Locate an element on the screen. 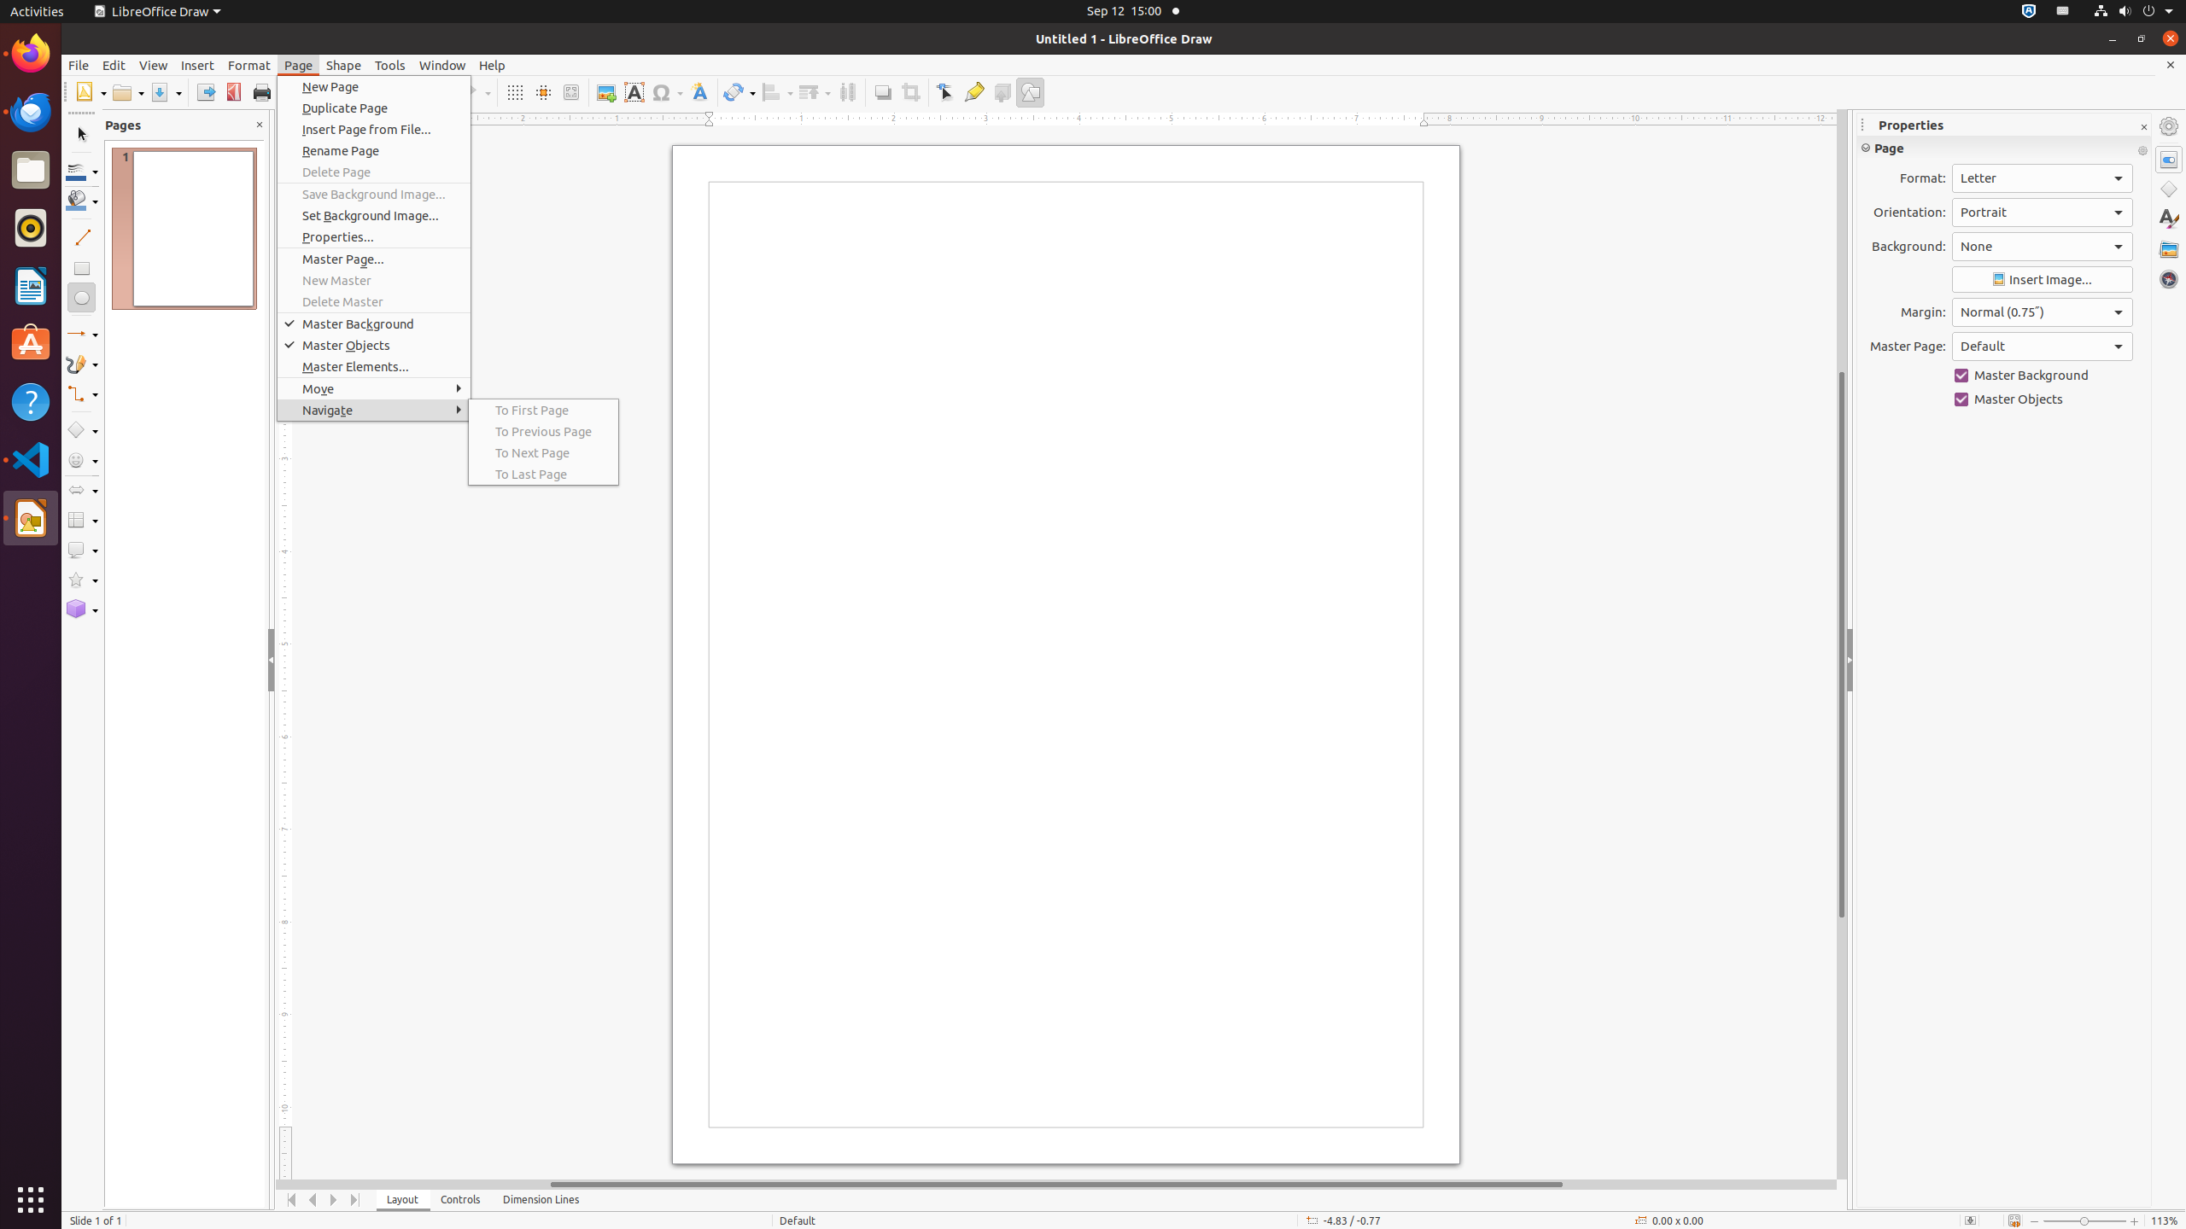 The height and width of the screenshot is (1229, 2186). ':1.72/StatusNotifierItem' is located at coordinates (2027, 10).